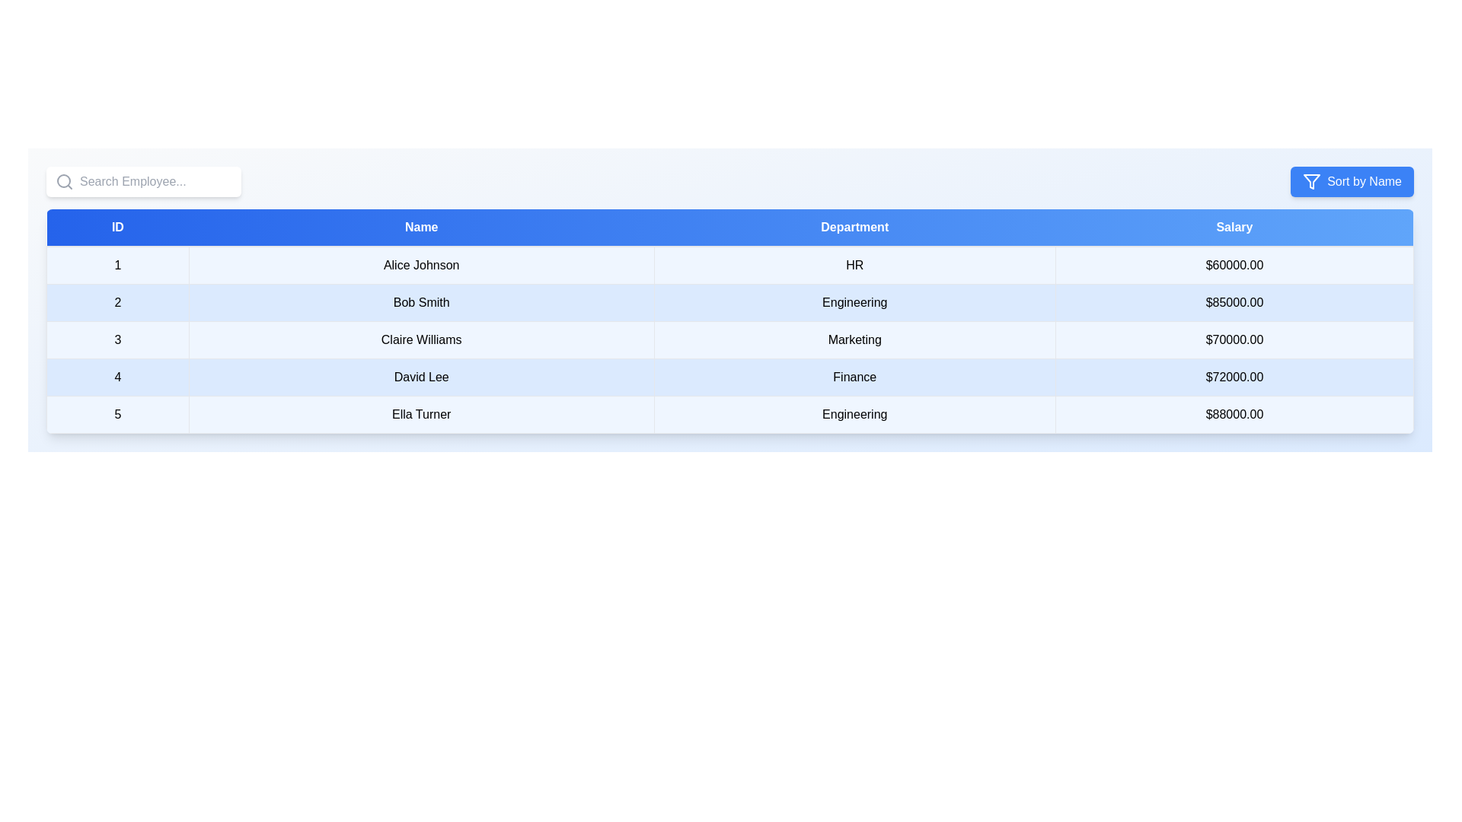 The image size is (1462, 822). Describe the element at coordinates (117, 377) in the screenshot. I see `the static text element that indicates the ID number of the employee 'David Lee'` at that location.